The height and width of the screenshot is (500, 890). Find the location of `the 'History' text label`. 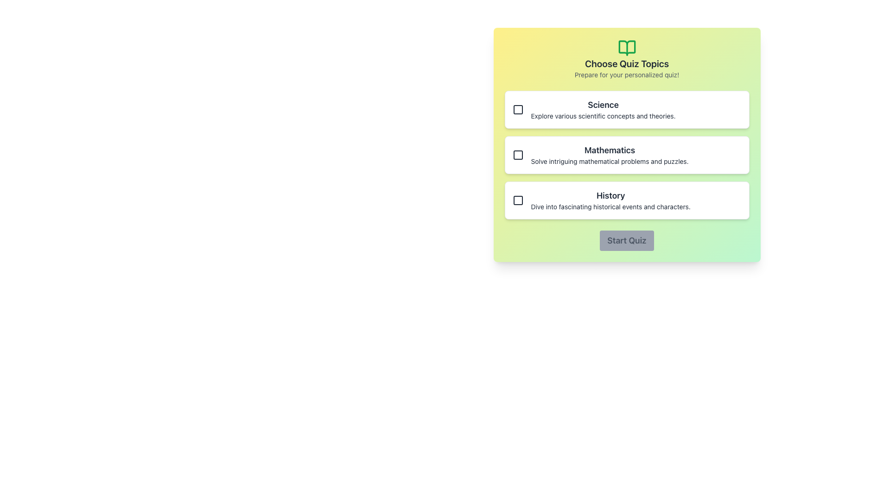

the 'History' text label is located at coordinates (610, 195).